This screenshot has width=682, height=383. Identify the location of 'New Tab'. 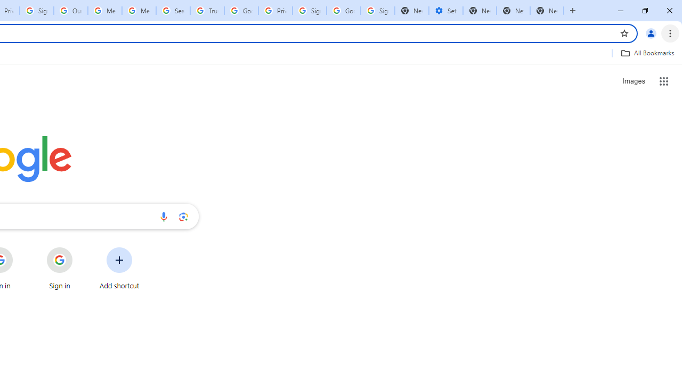
(547, 11).